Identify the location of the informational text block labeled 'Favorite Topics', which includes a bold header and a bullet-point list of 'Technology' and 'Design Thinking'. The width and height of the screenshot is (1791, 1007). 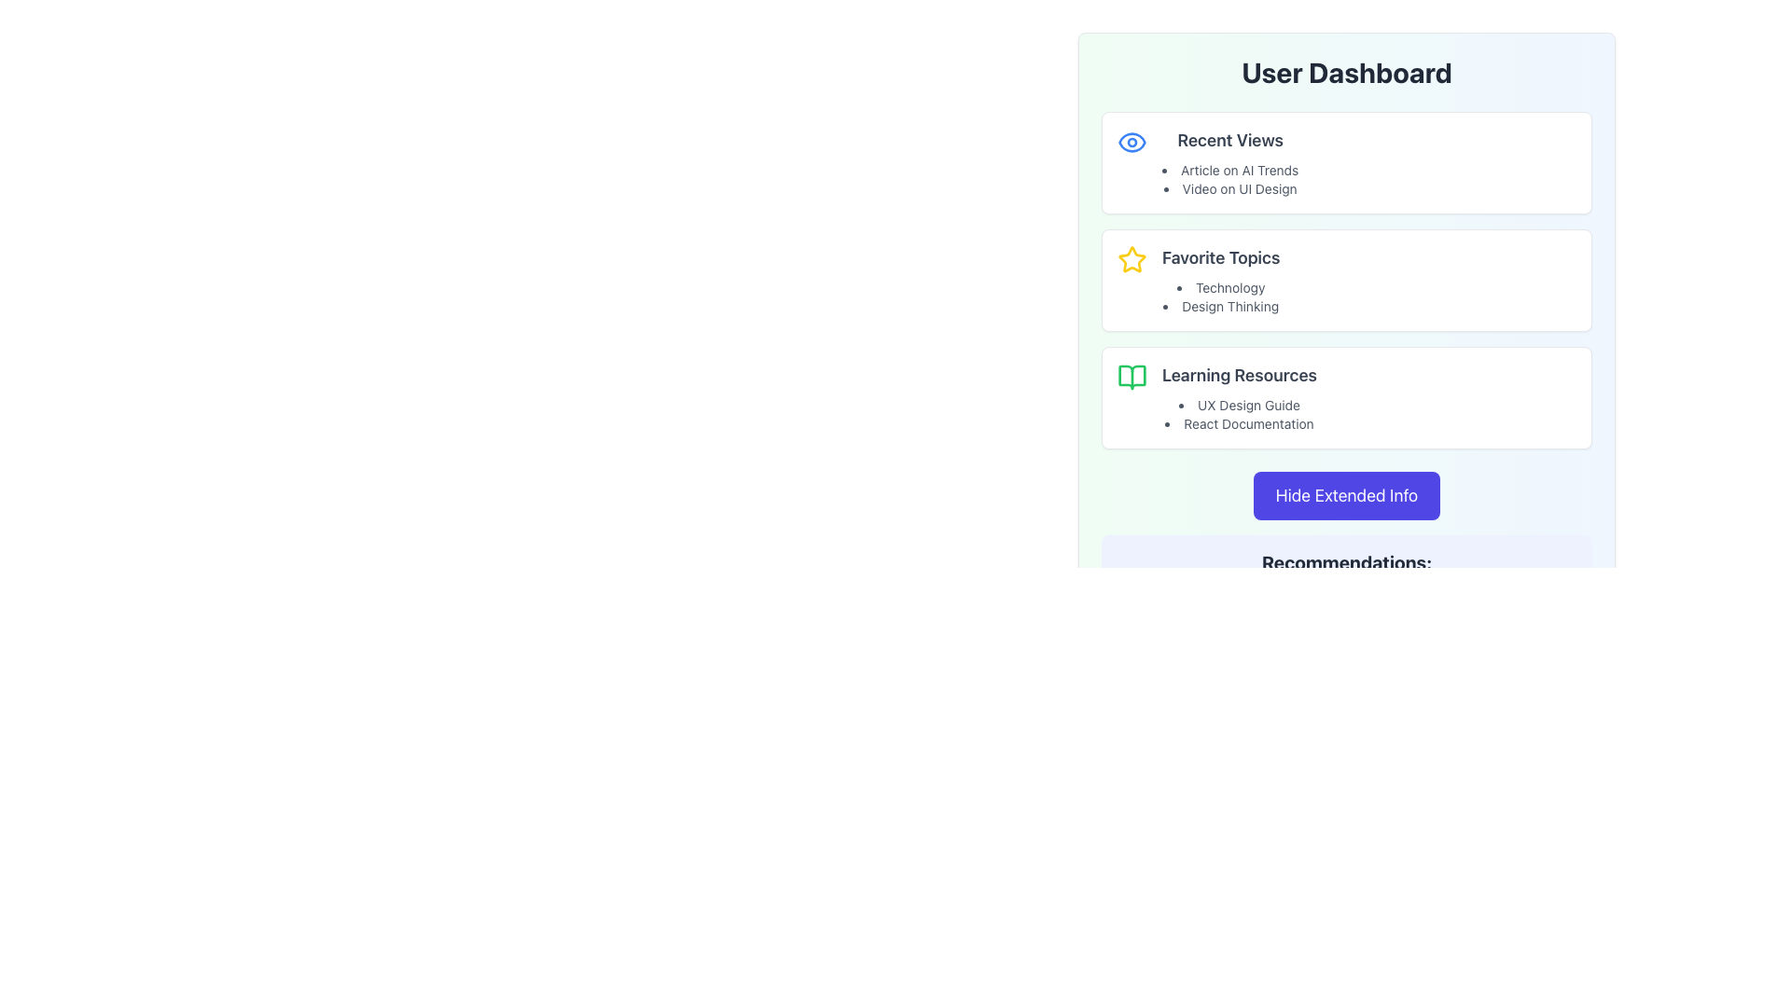
(1221, 280).